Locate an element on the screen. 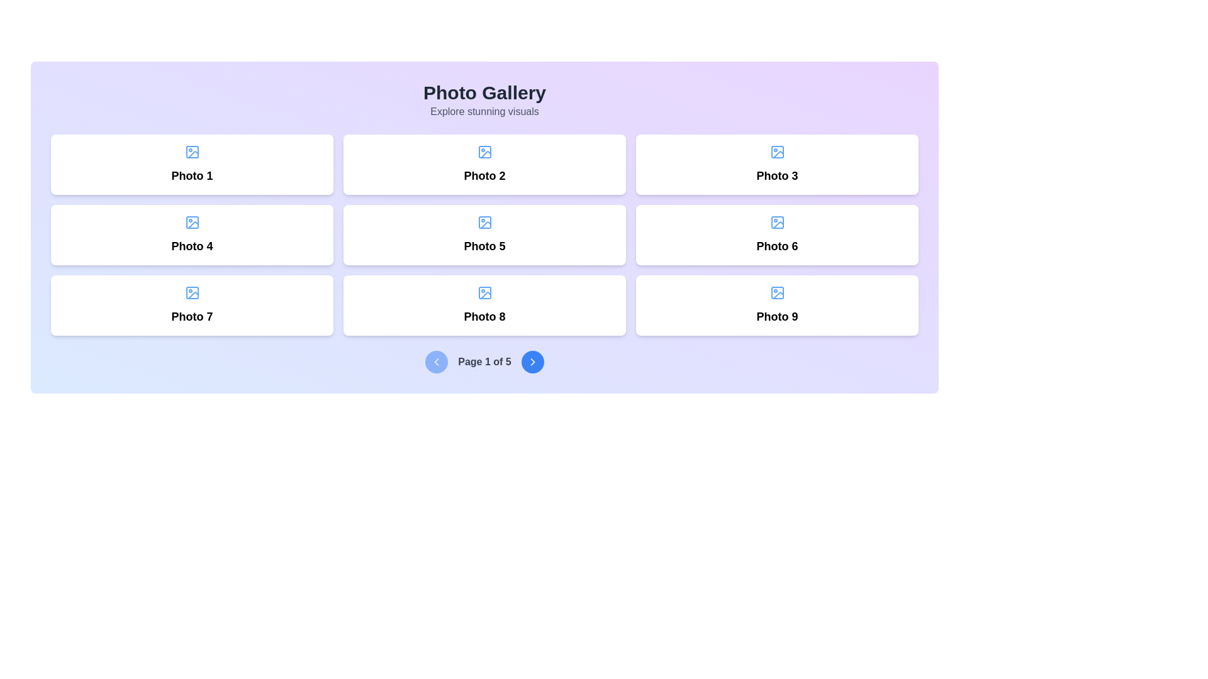  text label displaying 'Photo 4' which is styled with a bold and larger font size, located in the second row and second column of a grid of photo thumbnails, under an image icon is located at coordinates (191, 246).